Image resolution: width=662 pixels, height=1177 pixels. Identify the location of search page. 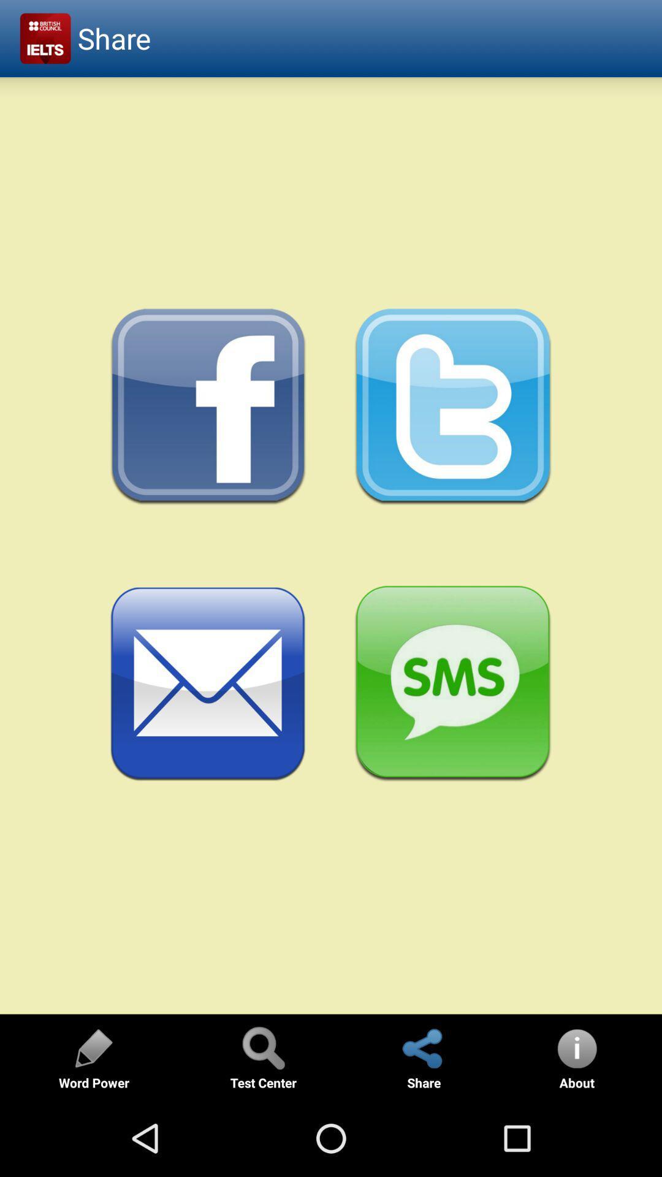
(262, 1047).